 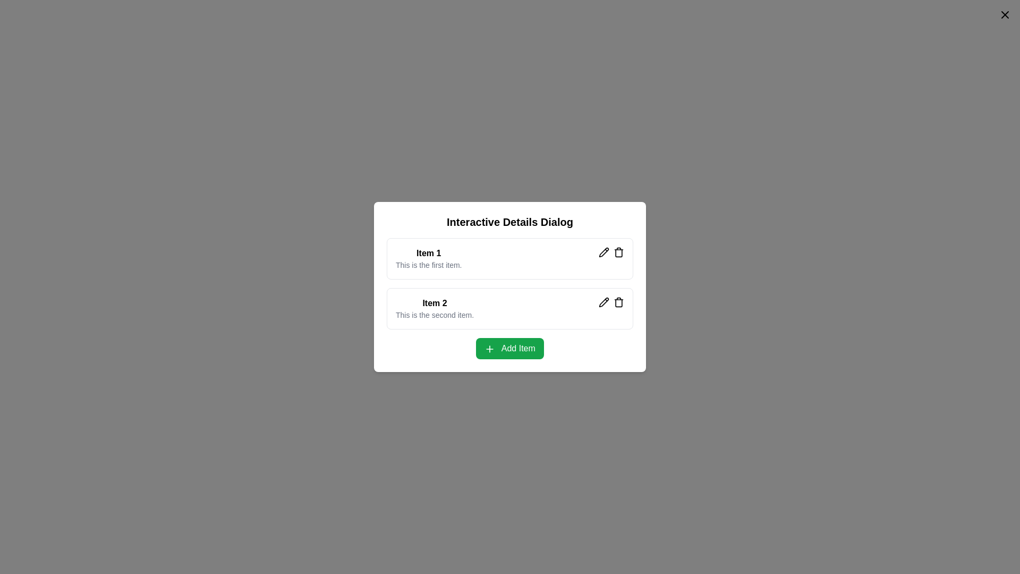 What do you see at coordinates (429, 254) in the screenshot?
I see `the bold text label reading 'Item 1' in the 'Interactive Details Dialog', which is styled to stand out from surrounding text` at bounding box center [429, 254].